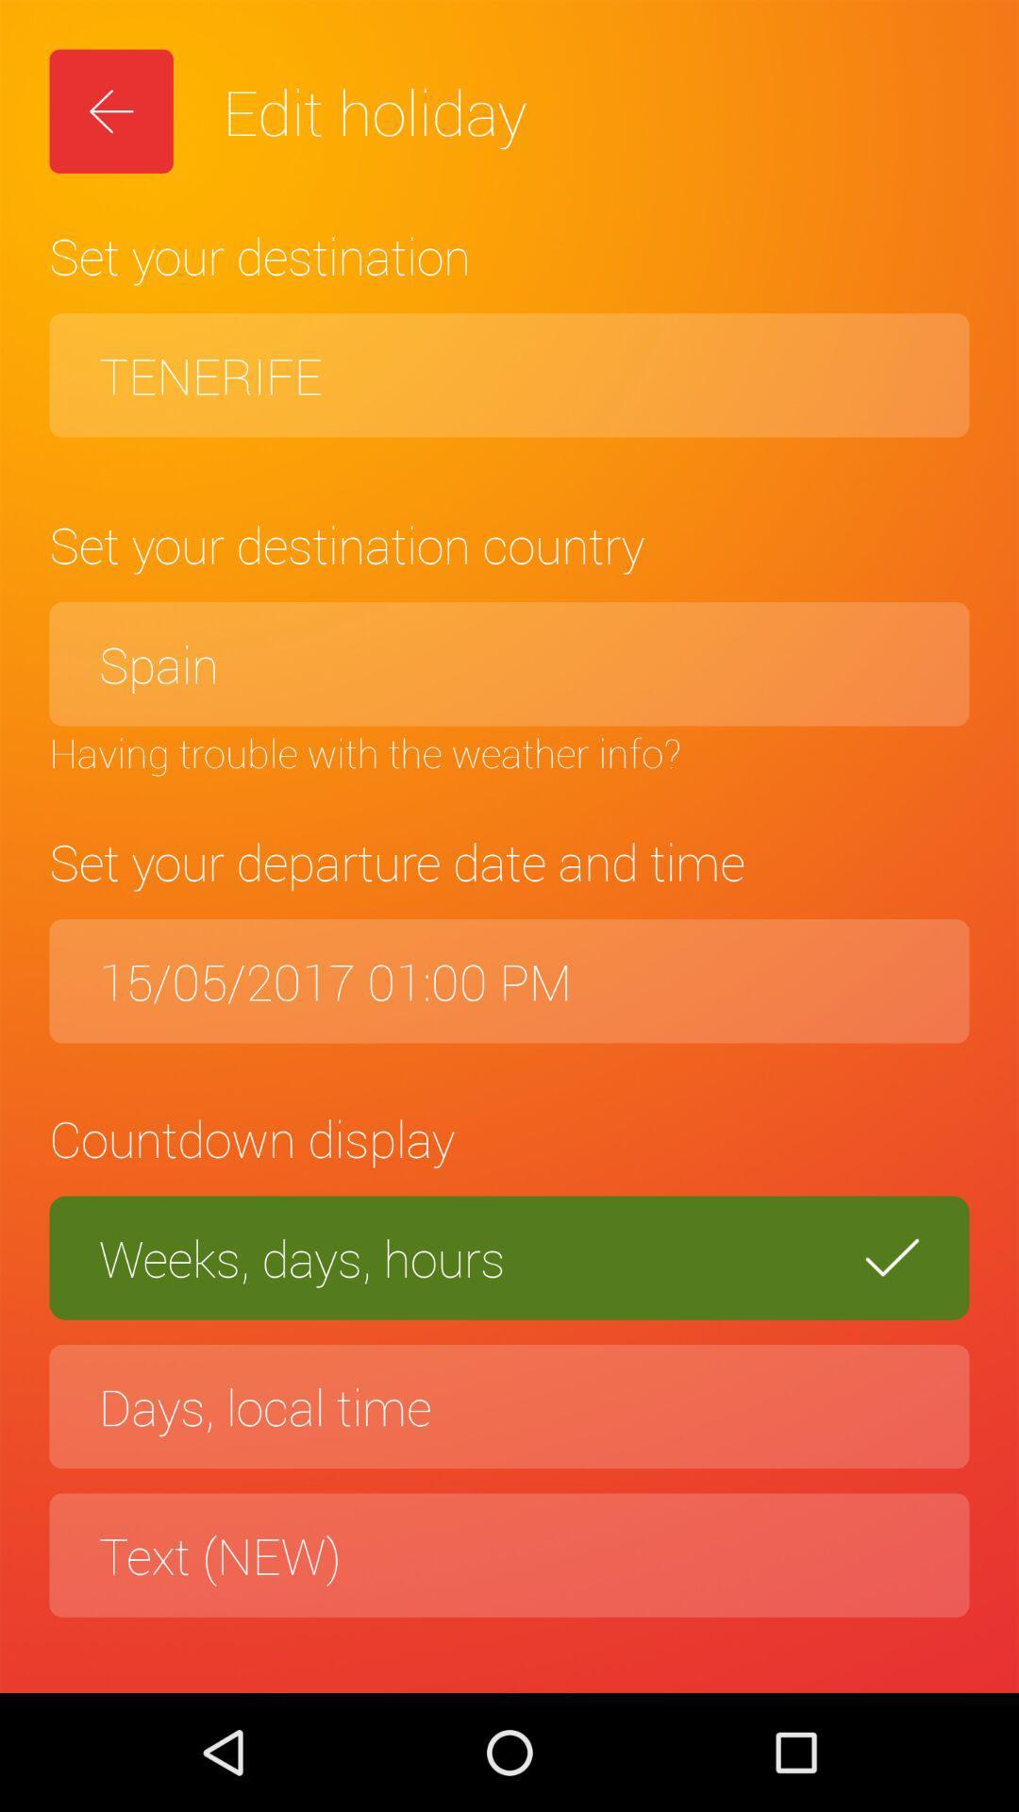  Describe the element at coordinates (509, 663) in the screenshot. I see `icon below set your destination` at that location.